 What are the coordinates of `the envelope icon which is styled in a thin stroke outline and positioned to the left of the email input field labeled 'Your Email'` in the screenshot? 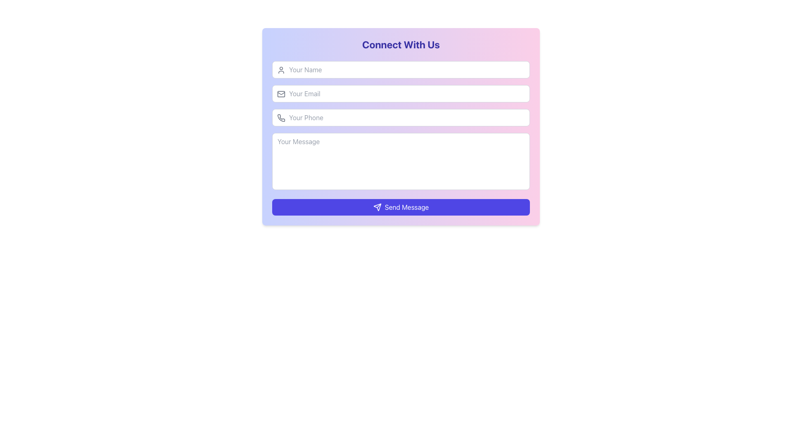 It's located at (281, 93).